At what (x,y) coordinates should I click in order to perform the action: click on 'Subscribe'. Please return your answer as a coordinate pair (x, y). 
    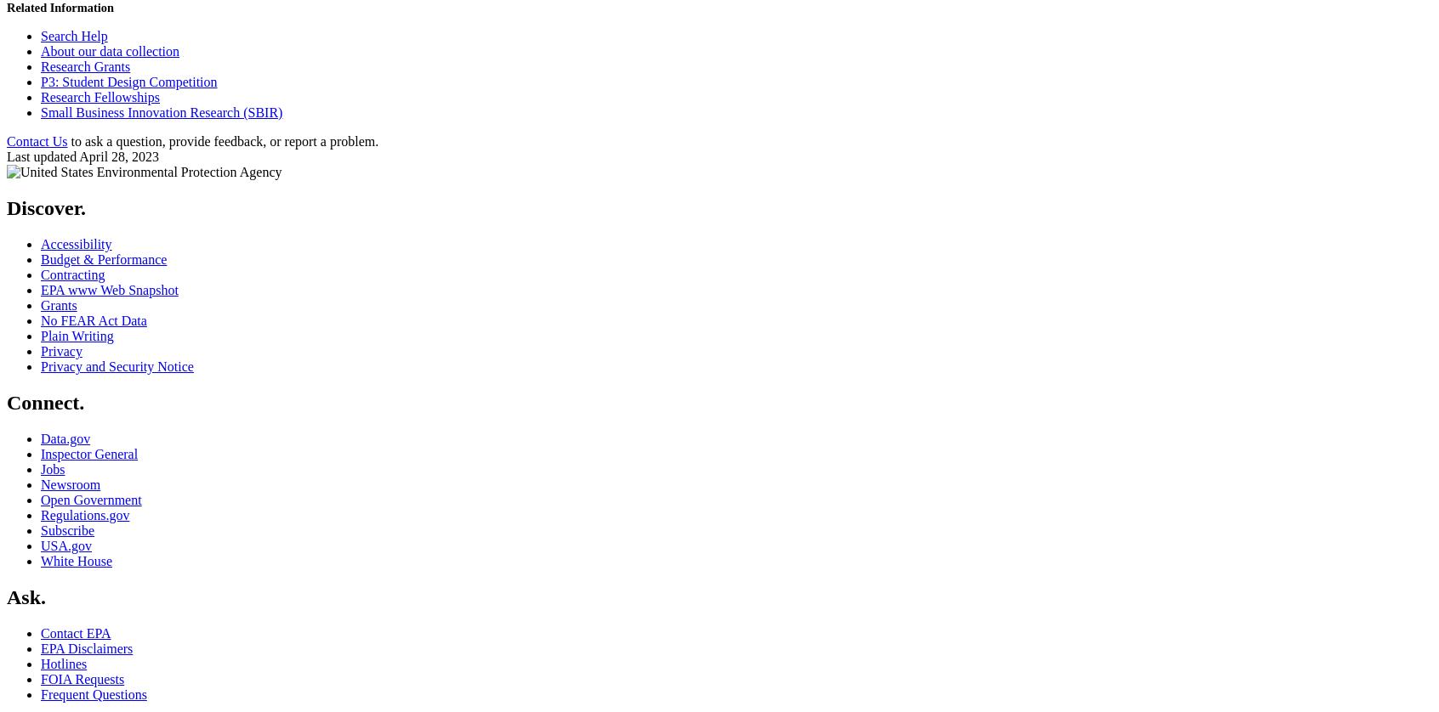
    Looking at the image, I should click on (40, 529).